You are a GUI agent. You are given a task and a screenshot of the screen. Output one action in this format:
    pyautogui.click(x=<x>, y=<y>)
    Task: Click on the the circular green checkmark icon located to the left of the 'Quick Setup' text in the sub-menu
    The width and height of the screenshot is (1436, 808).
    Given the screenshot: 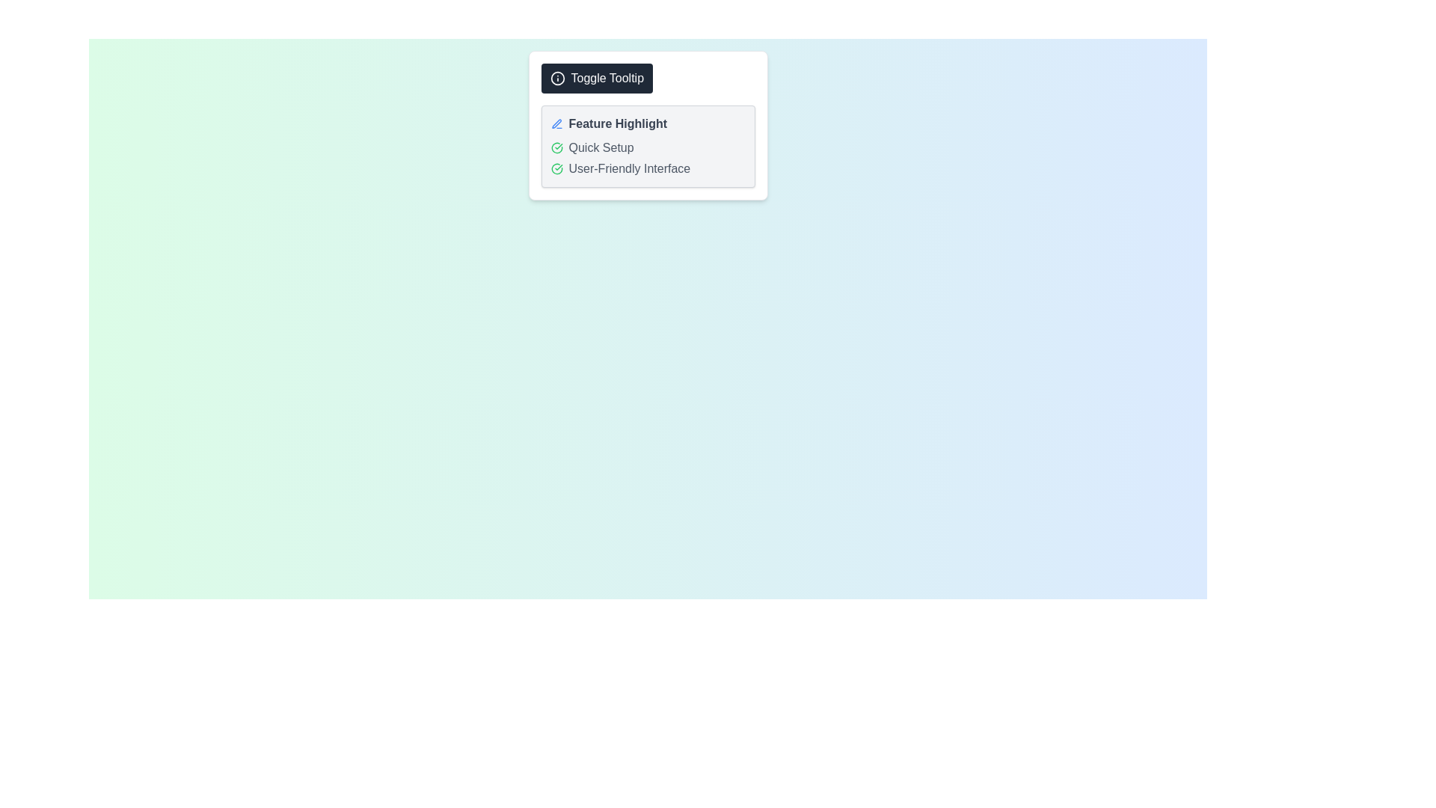 What is the action you would take?
    pyautogui.click(x=556, y=147)
    